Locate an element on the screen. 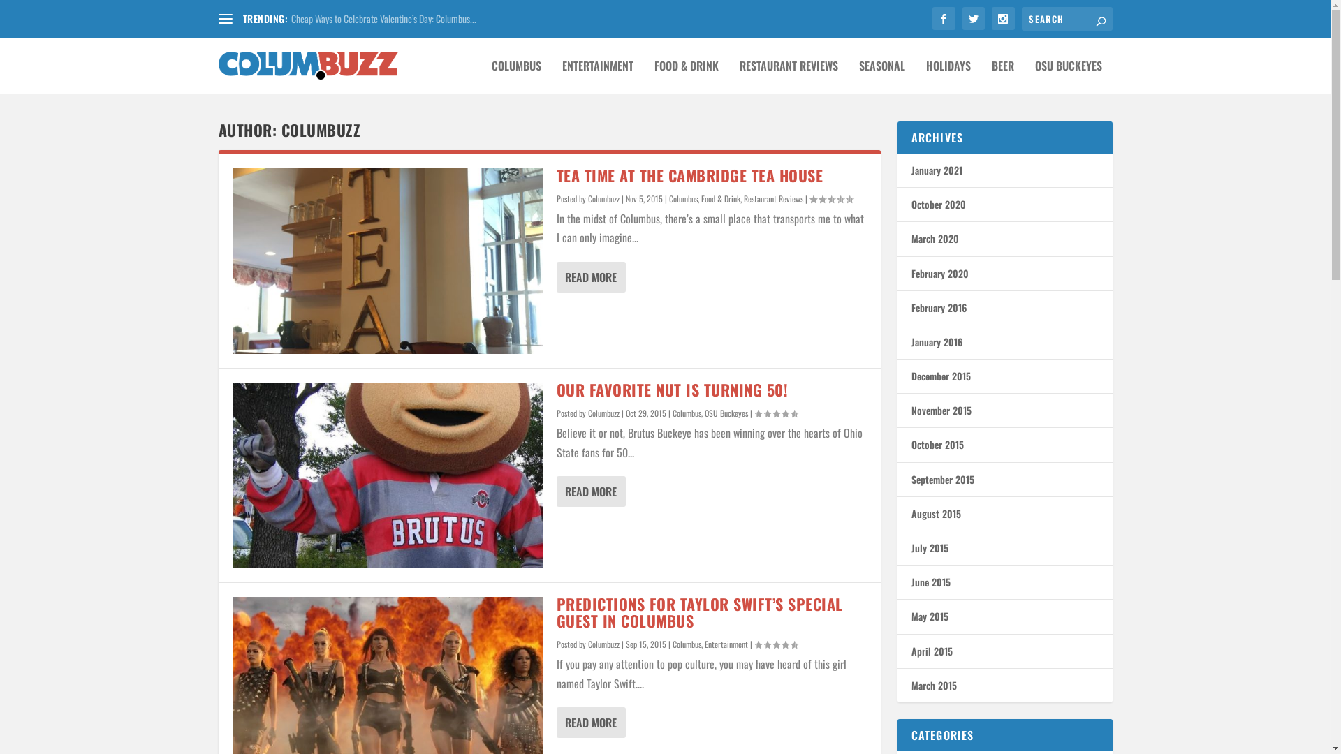 This screenshot has width=1341, height=754. 'October 2015' is located at coordinates (937, 444).